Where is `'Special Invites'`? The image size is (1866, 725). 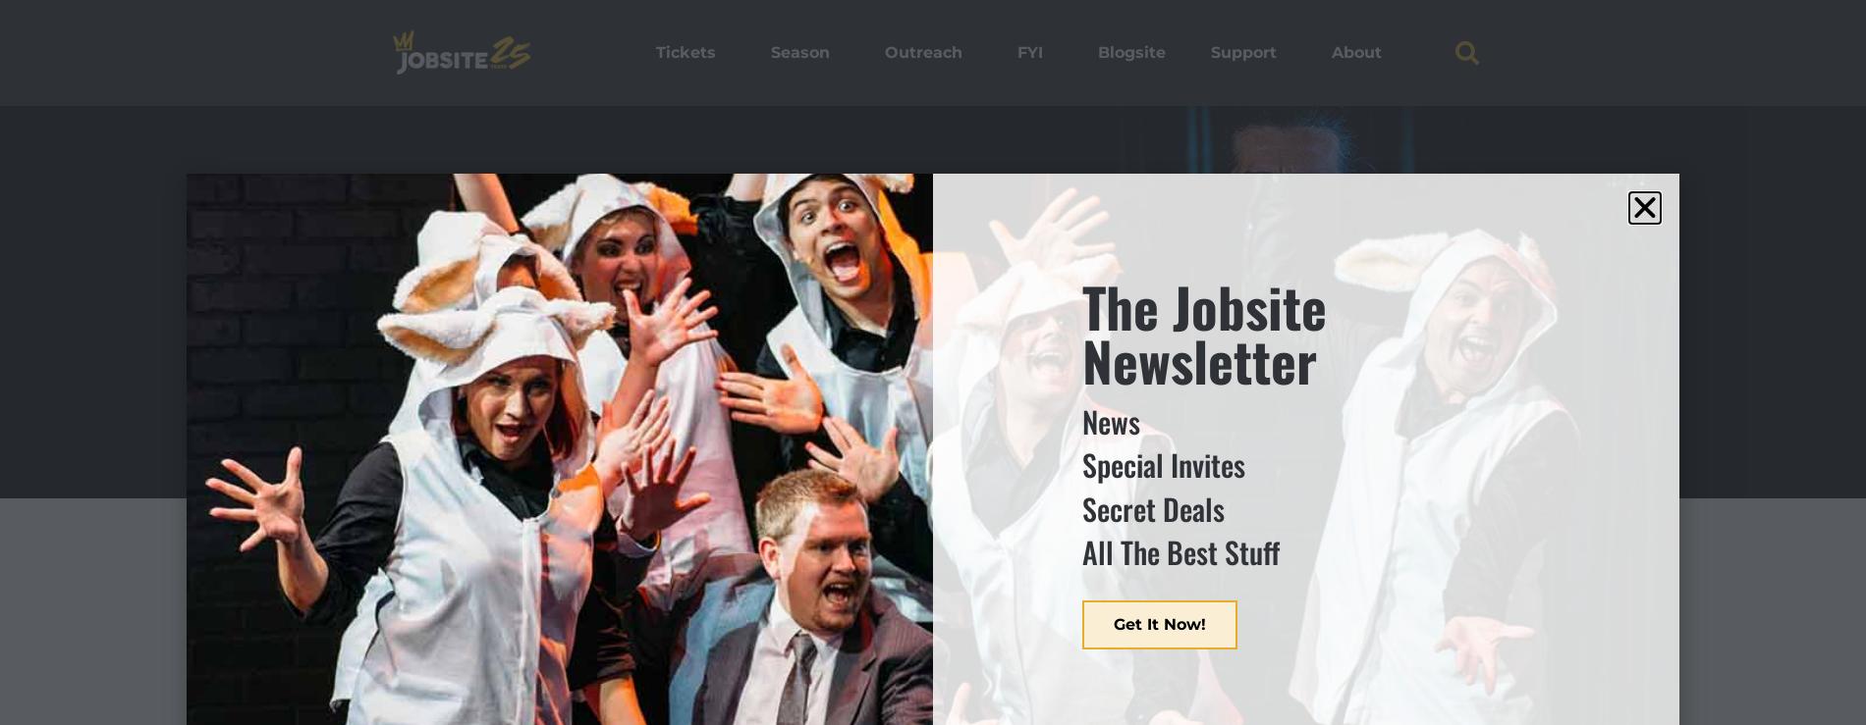 'Special Invites' is located at coordinates (1164, 463).